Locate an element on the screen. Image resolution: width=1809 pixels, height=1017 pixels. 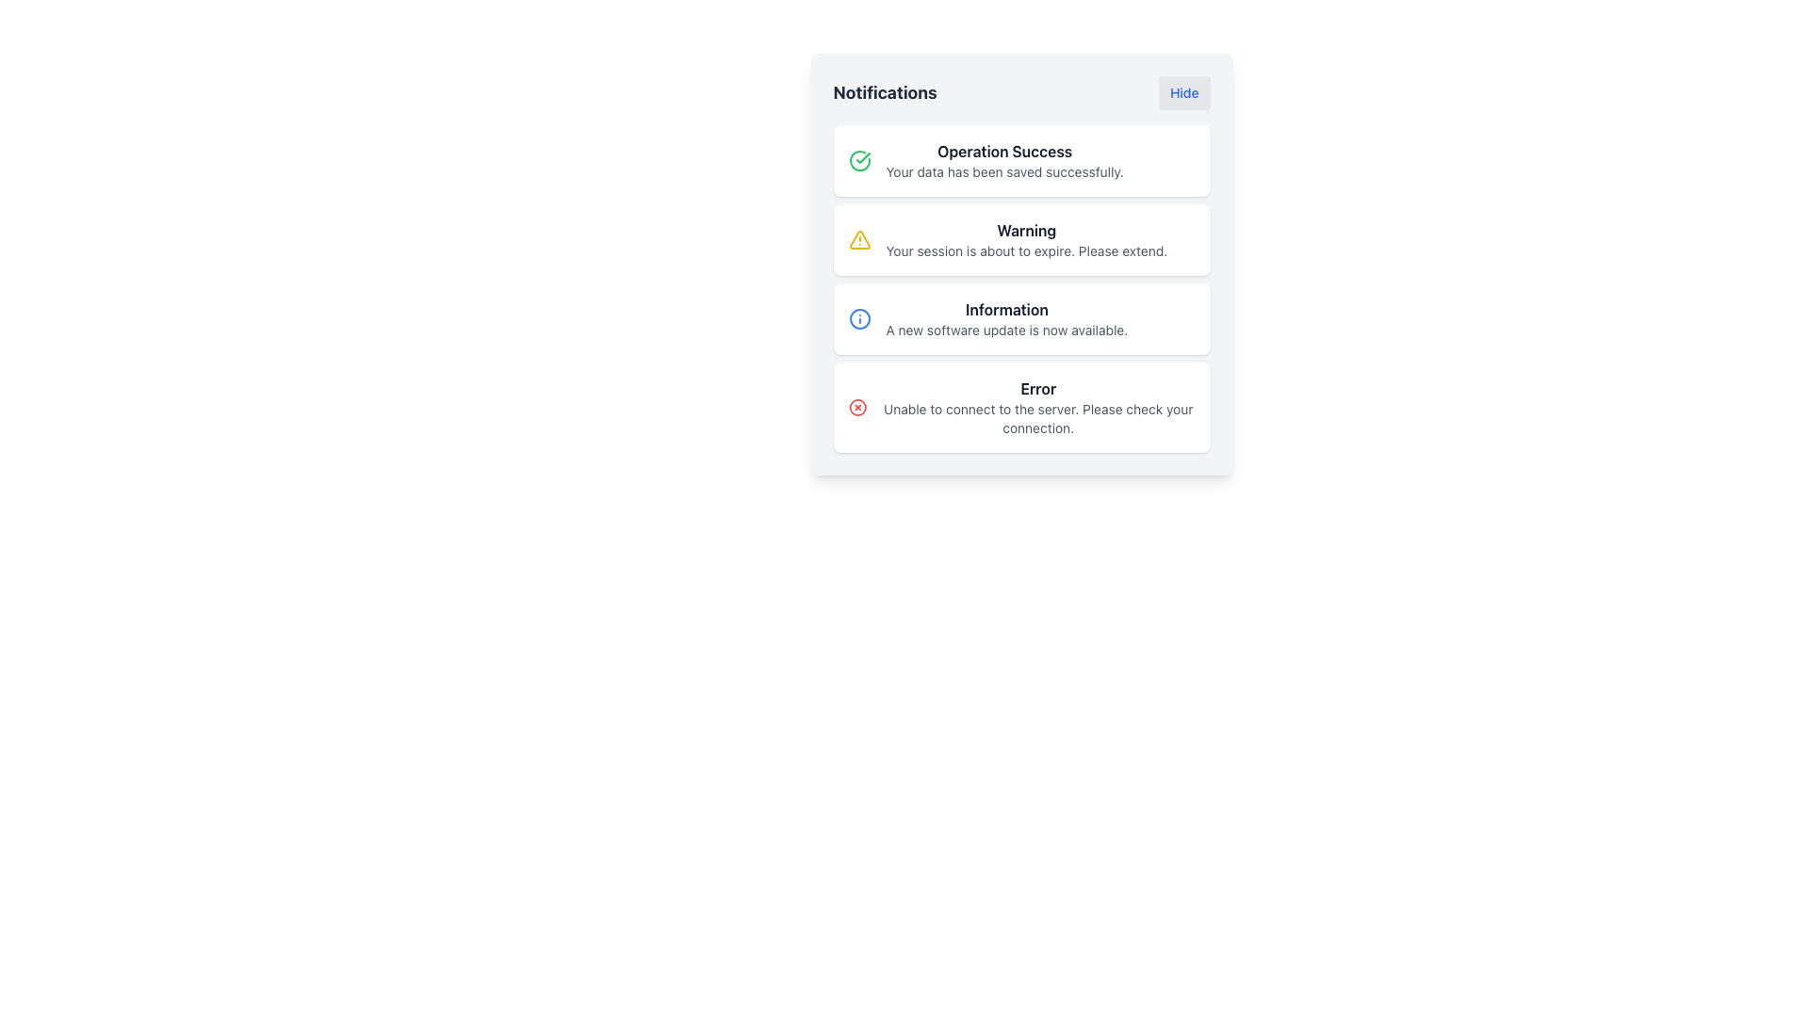
the 'Error' notification icon, which is located at the left edge of the last notification card and is directly aligned to the left of the notification's text content is located at coordinates (856, 406).